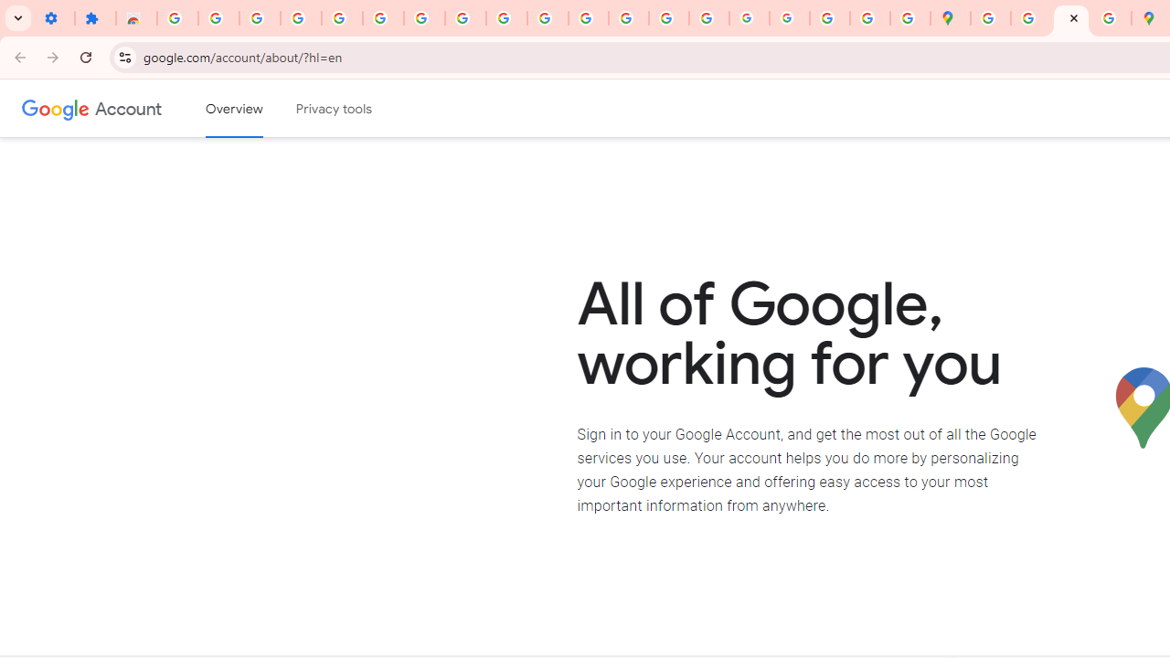 This screenshot has height=658, width=1170. I want to click on 'Delete photos & videos - Computer - Google Photos Help', so click(259, 18).